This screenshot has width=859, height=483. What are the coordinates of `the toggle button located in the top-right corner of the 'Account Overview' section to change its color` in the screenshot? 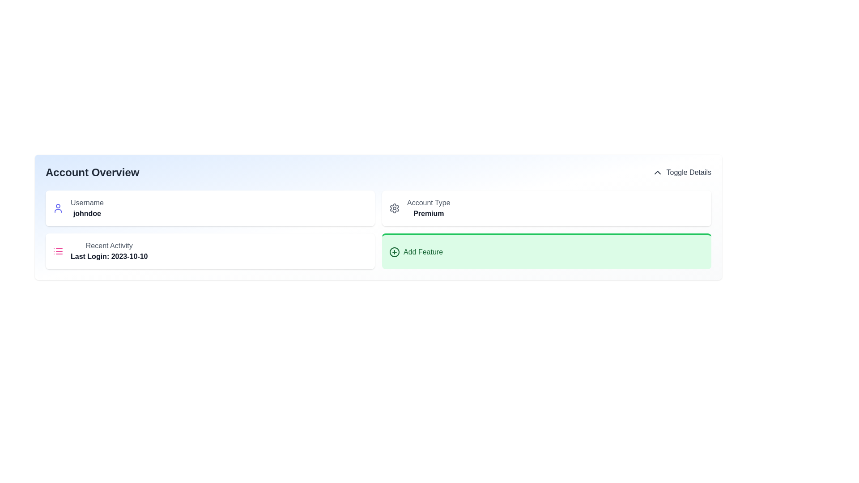 It's located at (681, 172).